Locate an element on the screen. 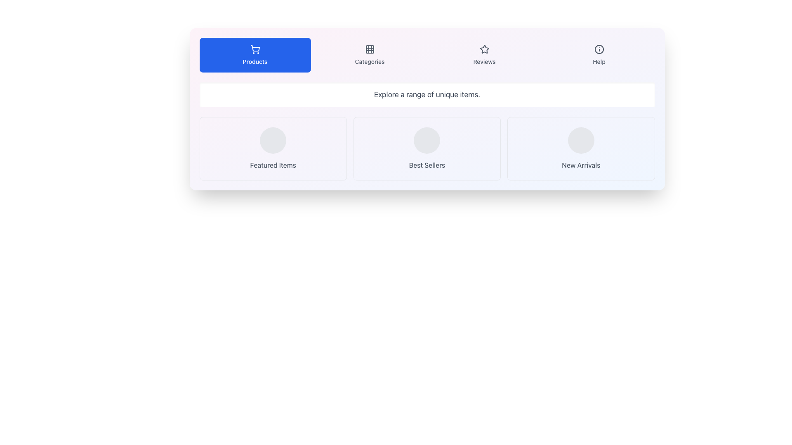  the main descriptive text label positioned below the navigation bar and above the featured items section is located at coordinates (427, 94).